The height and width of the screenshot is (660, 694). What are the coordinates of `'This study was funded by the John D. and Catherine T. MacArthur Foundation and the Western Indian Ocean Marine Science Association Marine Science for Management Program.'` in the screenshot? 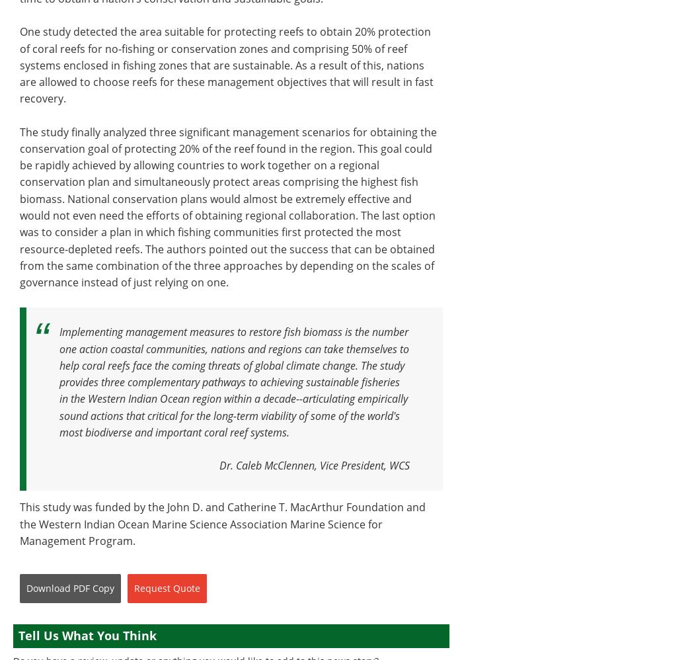 It's located at (223, 523).